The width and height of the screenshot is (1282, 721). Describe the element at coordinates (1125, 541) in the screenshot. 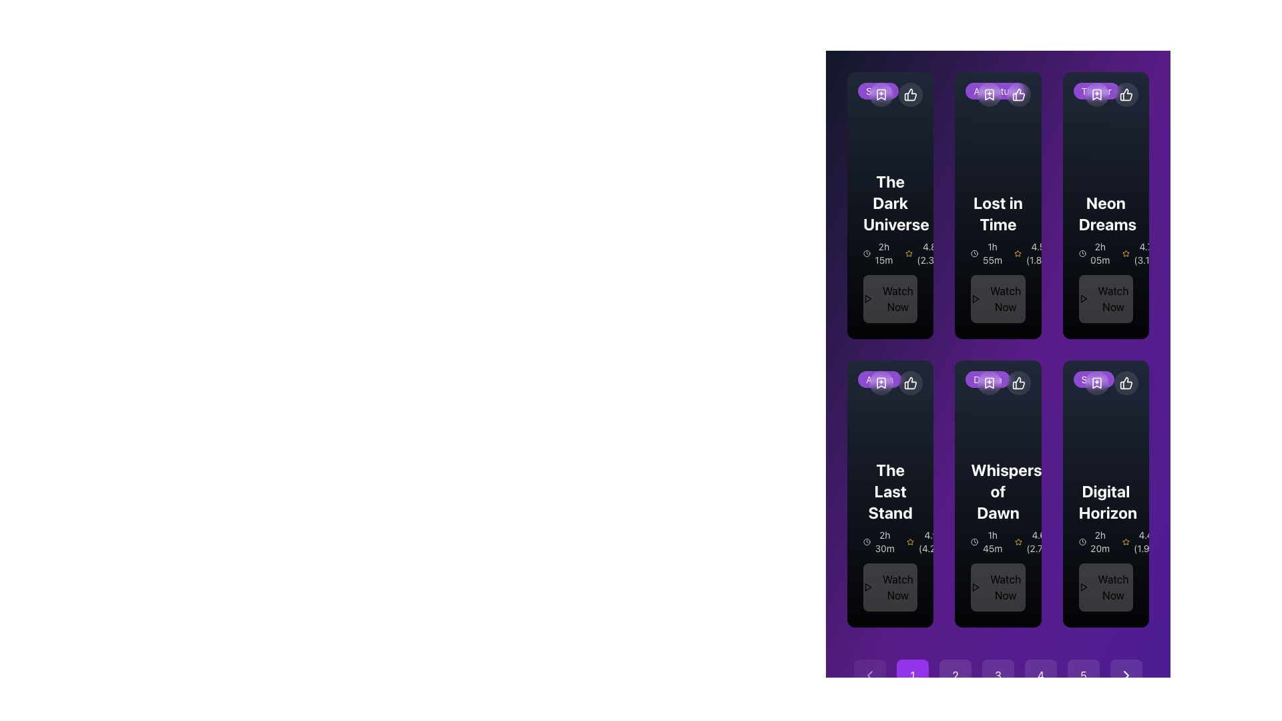

I see `the small, yellow, five-pointed star icon used for rating in the rating bar of the 'Digital Horizon' movie card, located in the last column of the second row` at that location.